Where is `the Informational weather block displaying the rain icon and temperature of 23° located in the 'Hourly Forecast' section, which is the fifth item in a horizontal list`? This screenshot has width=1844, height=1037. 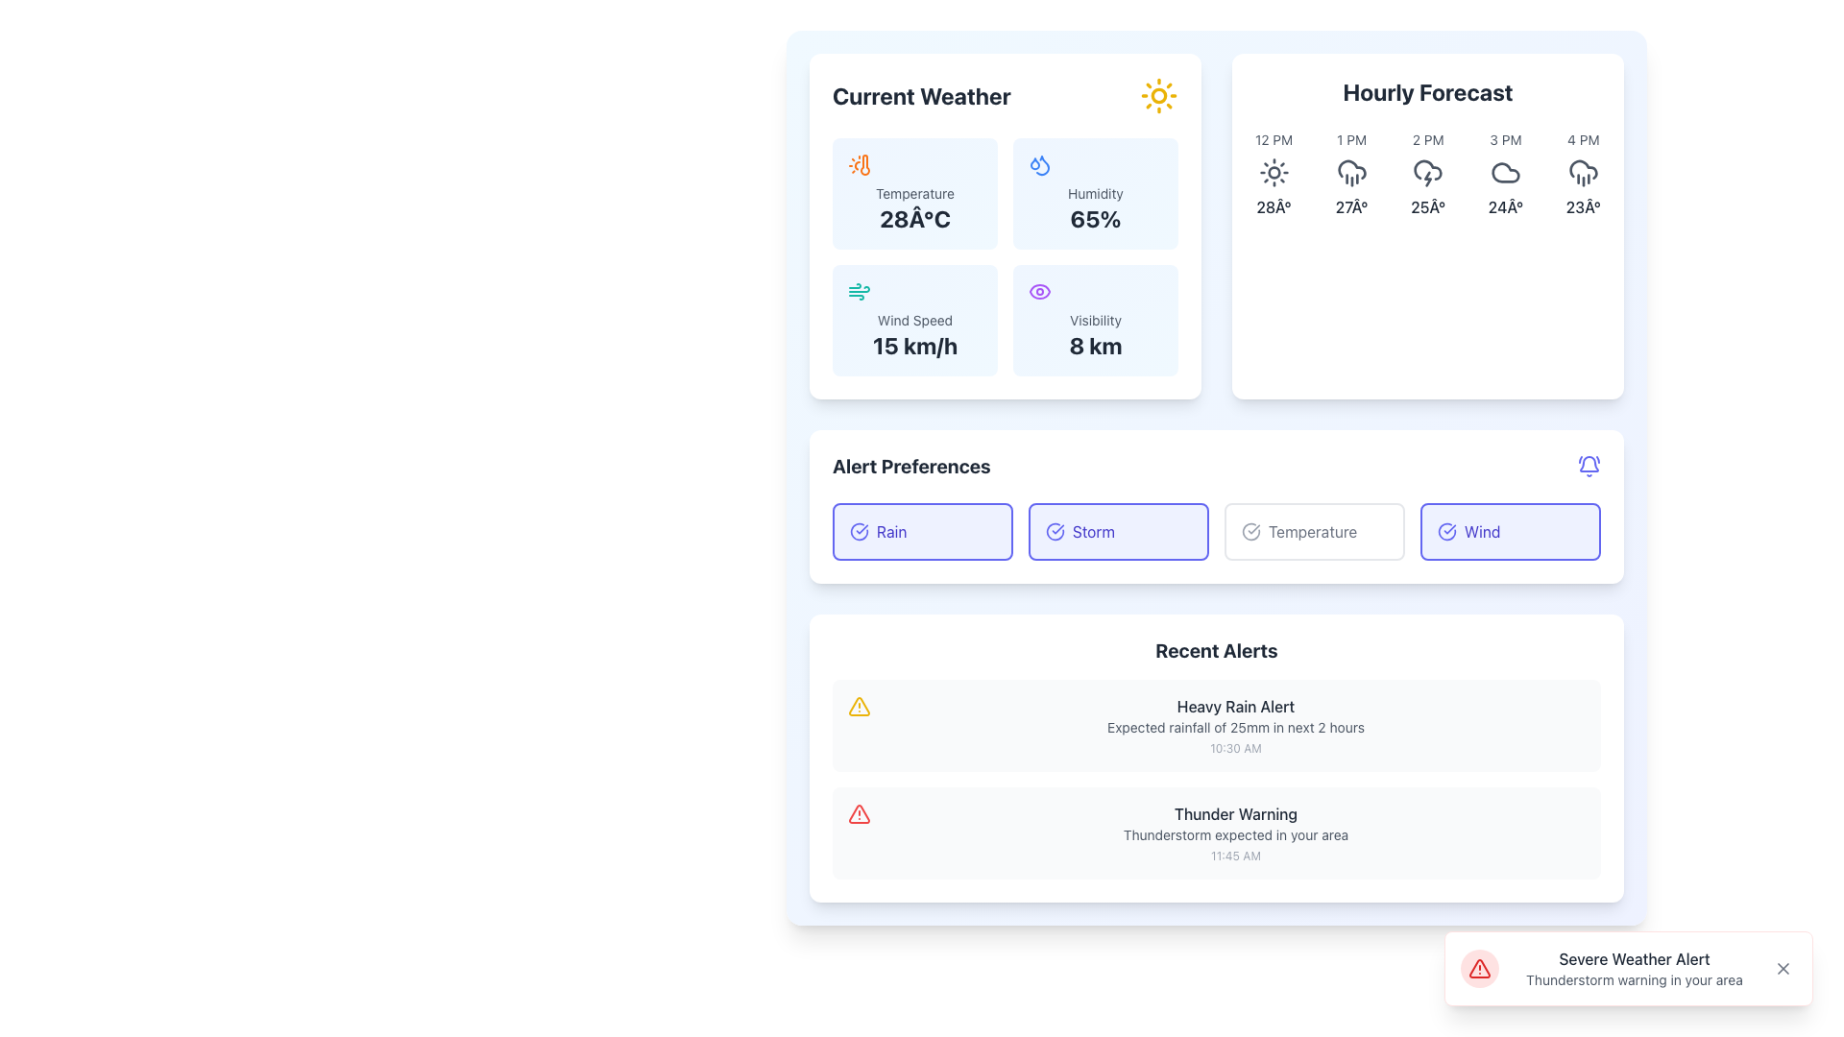 the Informational weather block displaying the rain icon and temperature of 23° located in the 'Hourly Forecast' section, which is the fifth item in a horizontal list is located at coordinates (1583, 174).